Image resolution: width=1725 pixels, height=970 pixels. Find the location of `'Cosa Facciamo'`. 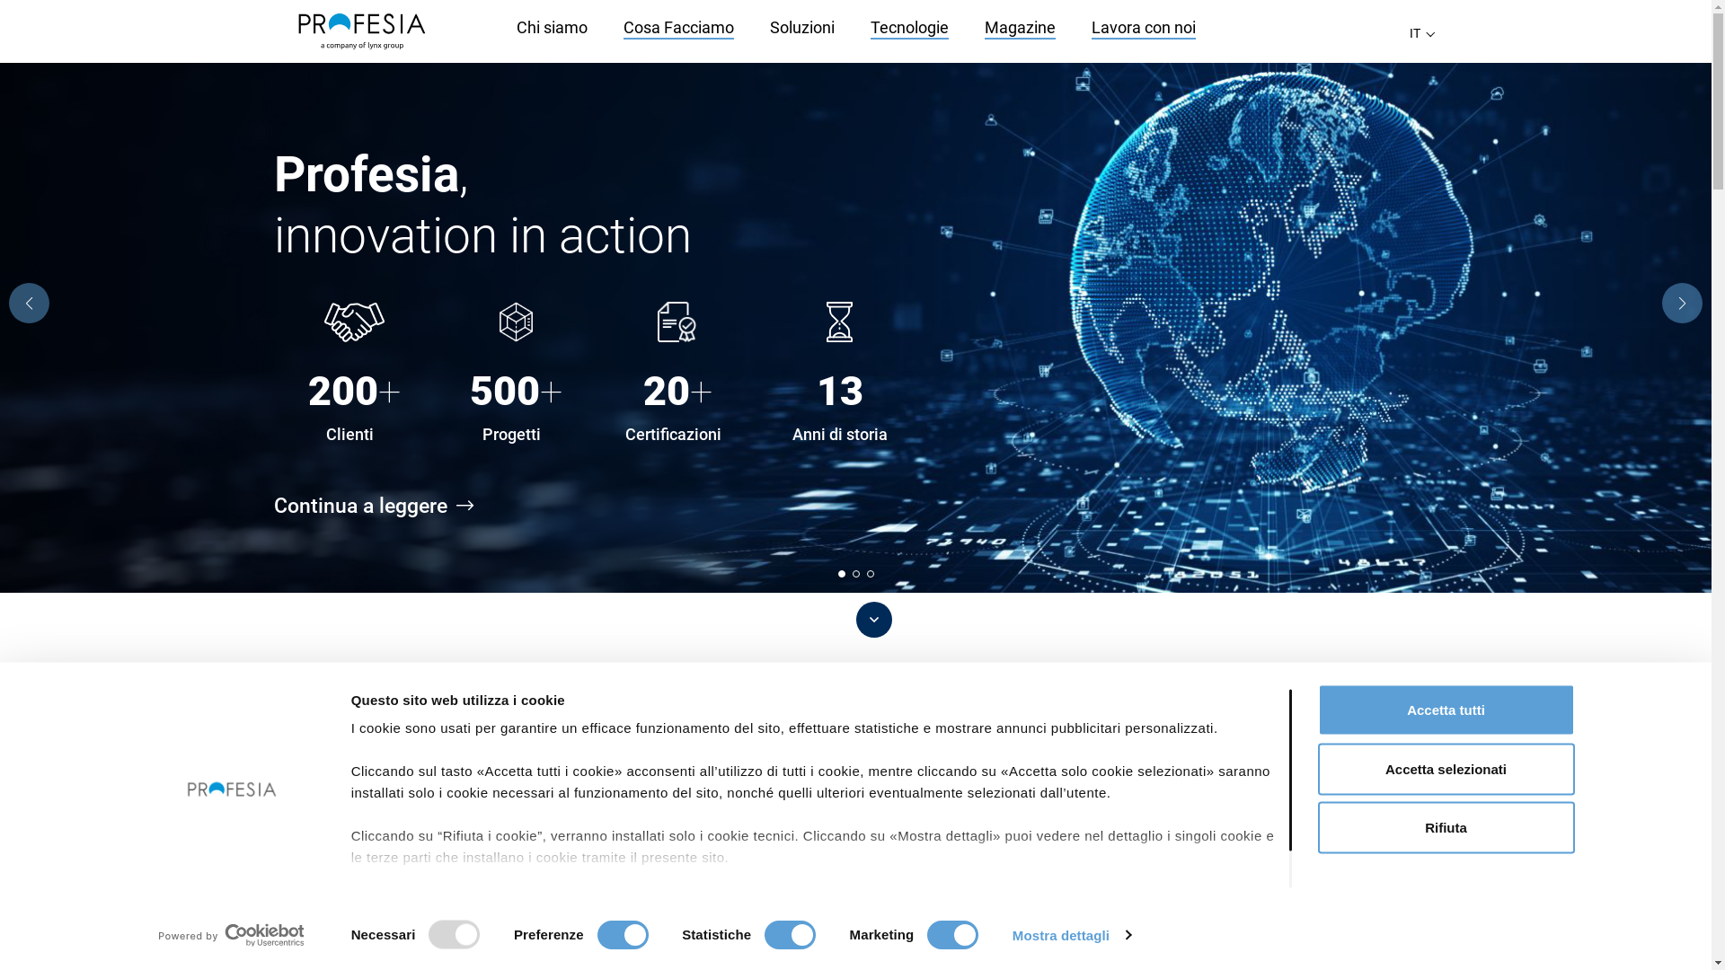

'Cosa Facciamo' is located at coordinates (677, 28).